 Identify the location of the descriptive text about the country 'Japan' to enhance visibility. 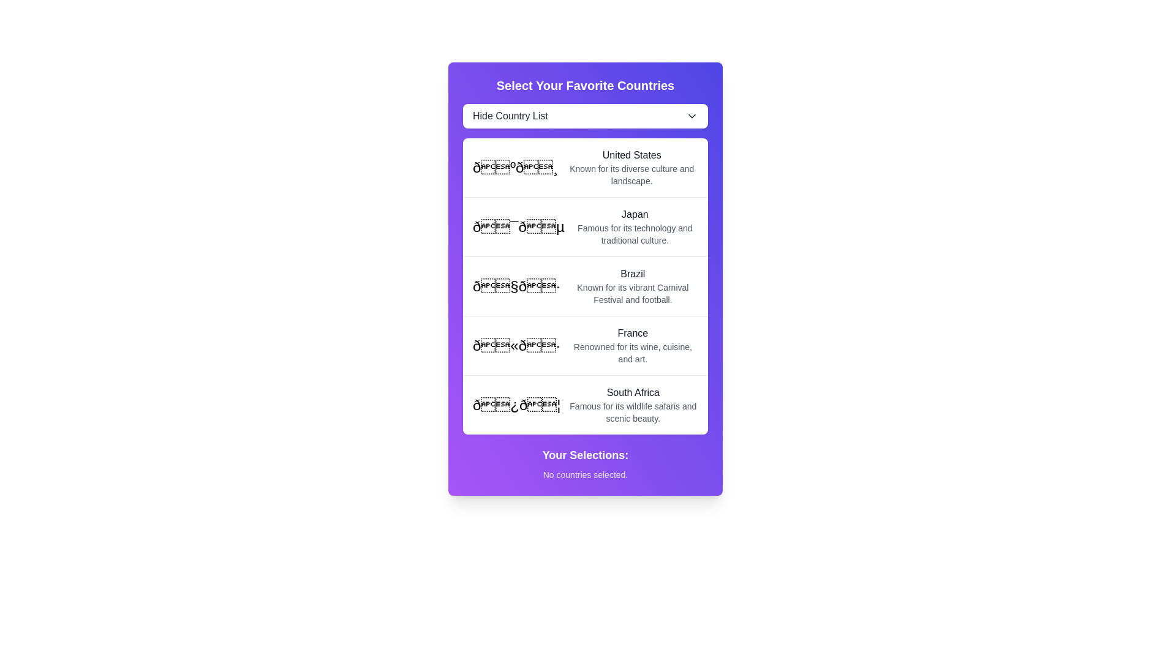
(635, 234).